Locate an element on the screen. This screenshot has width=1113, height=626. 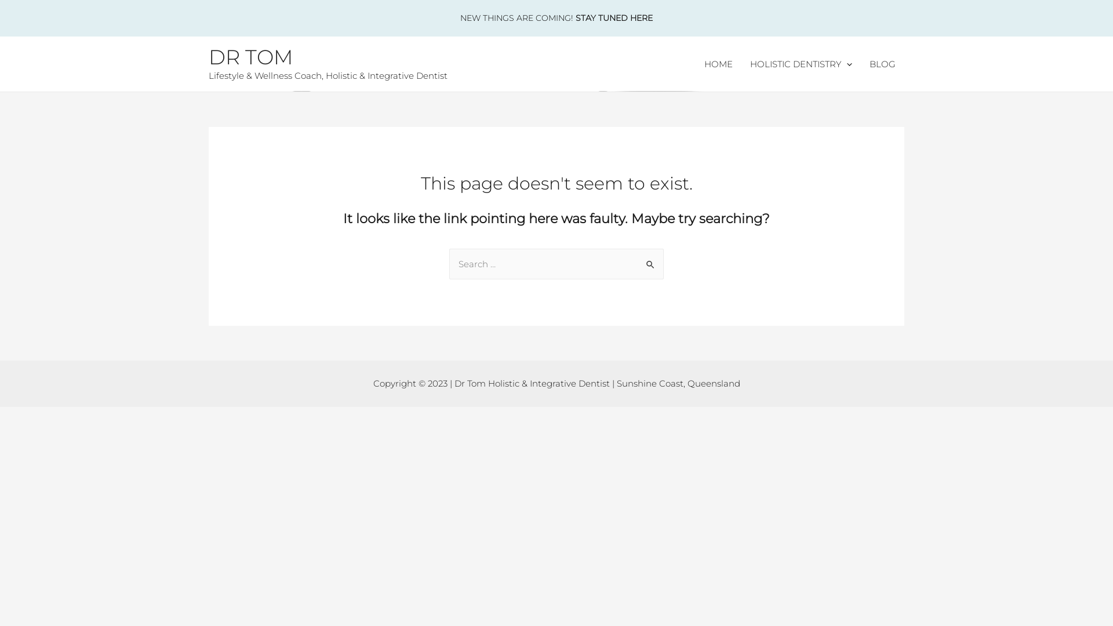
'HOME' is located at coordinates (696, 64).